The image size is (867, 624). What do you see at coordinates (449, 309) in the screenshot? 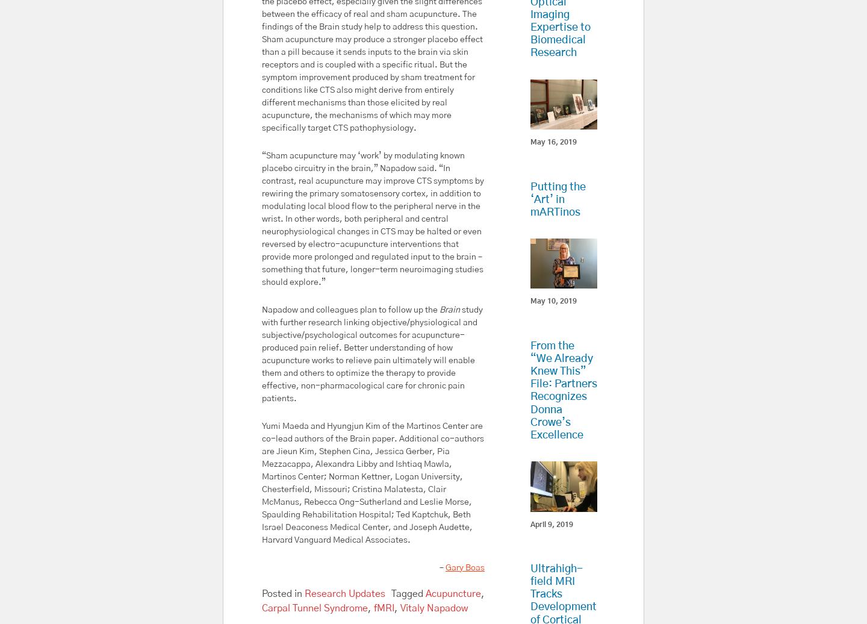
I see `'Brain'` at bounding box center [449, 309].